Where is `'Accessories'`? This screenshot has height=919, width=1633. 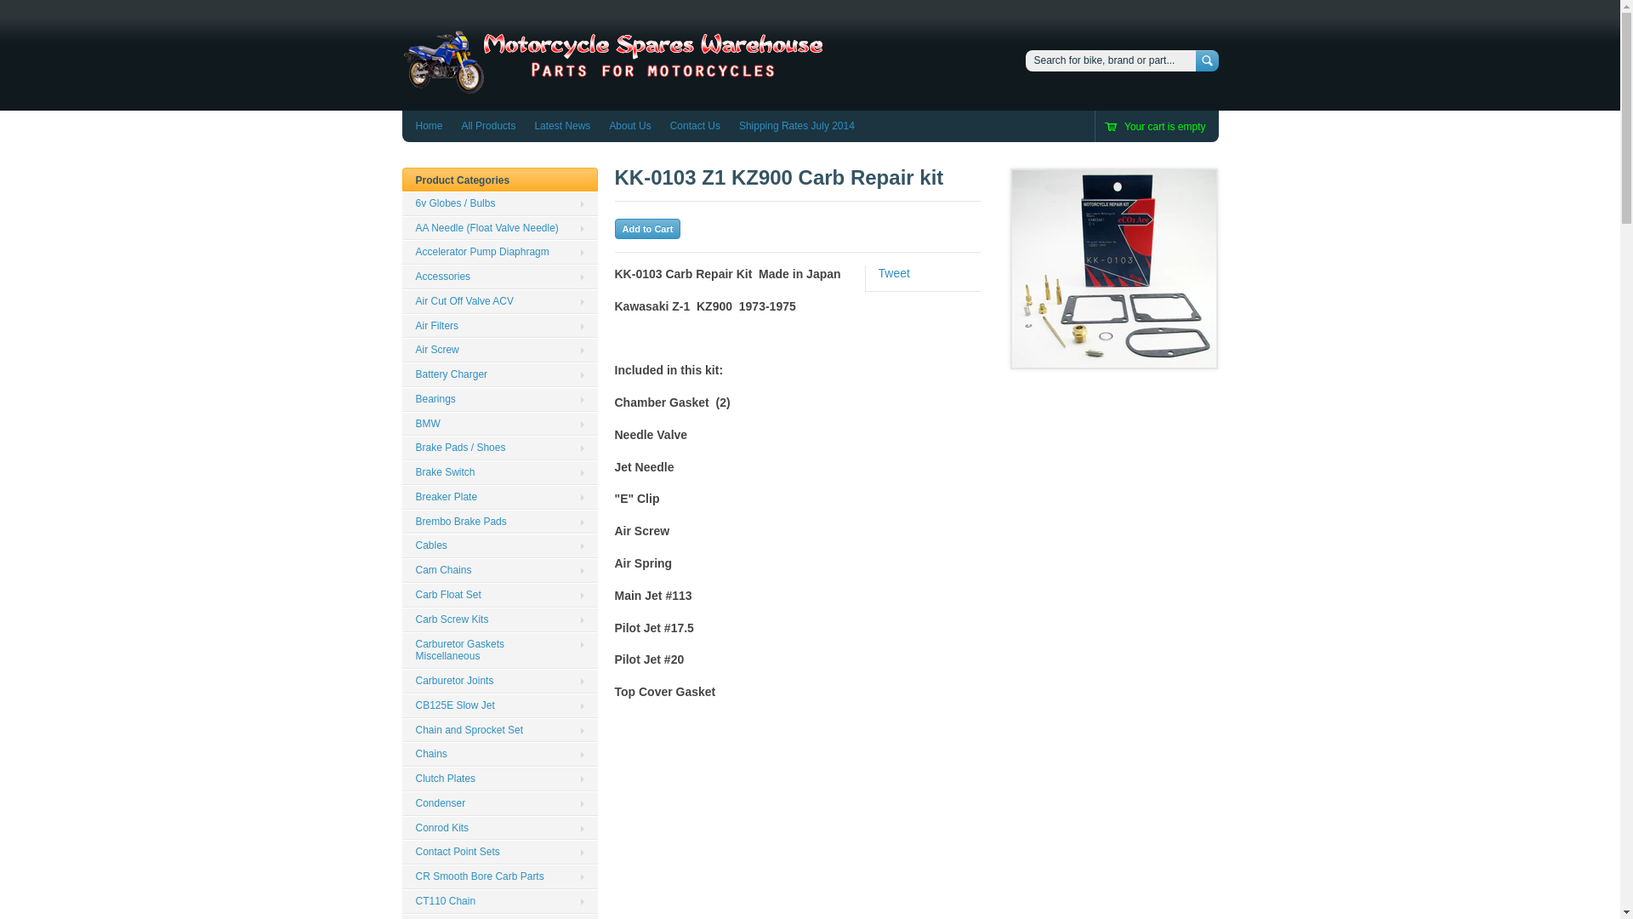
'Accessories' is located at coordinates (498, 276).